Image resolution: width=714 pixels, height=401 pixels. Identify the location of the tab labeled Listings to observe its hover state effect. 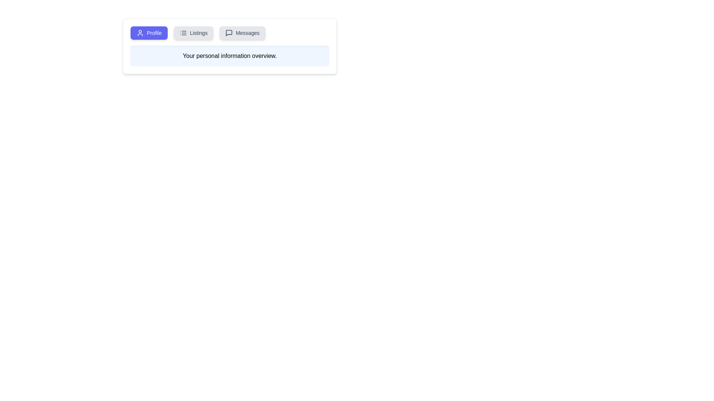
(193, 32).